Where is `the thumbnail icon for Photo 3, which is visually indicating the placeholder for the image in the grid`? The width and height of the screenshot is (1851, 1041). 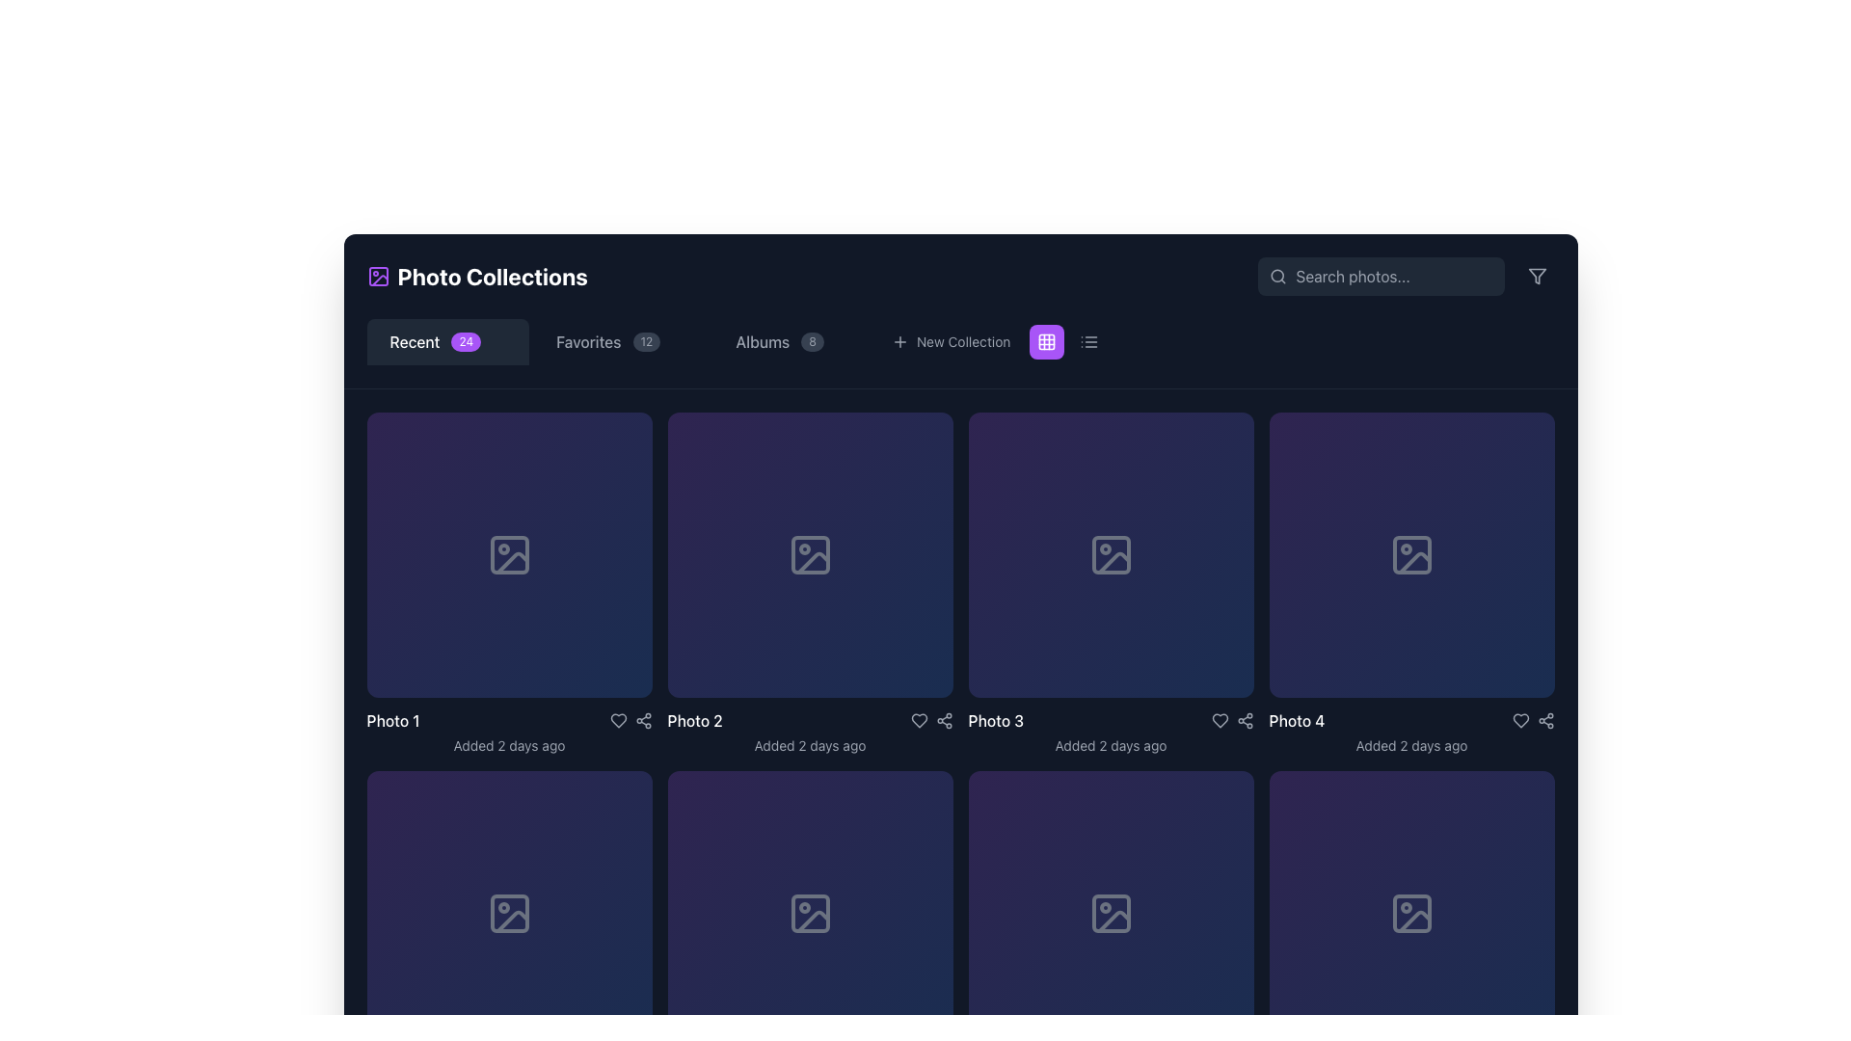
the thumbnail icon for Photo 3, which is visually indicating the placeholder for the image in the grid is located at coordinates (1111, 554).